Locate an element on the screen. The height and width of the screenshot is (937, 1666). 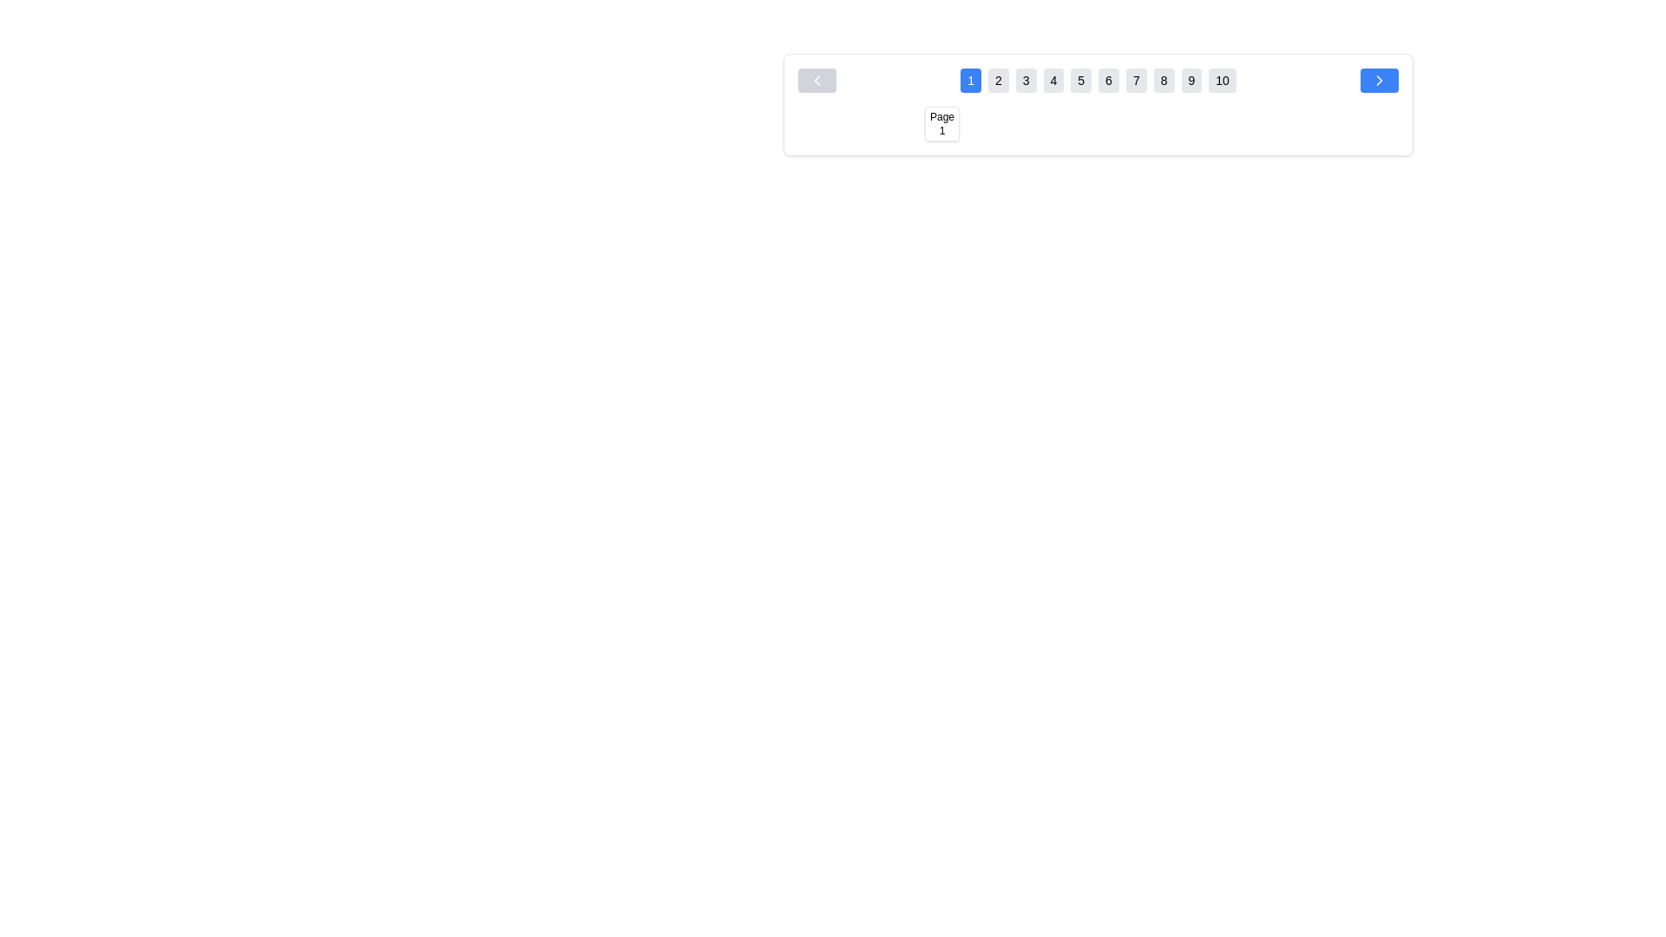
the rightmost arrow icon in the pagination menu is located at coordinates (1378, 80).